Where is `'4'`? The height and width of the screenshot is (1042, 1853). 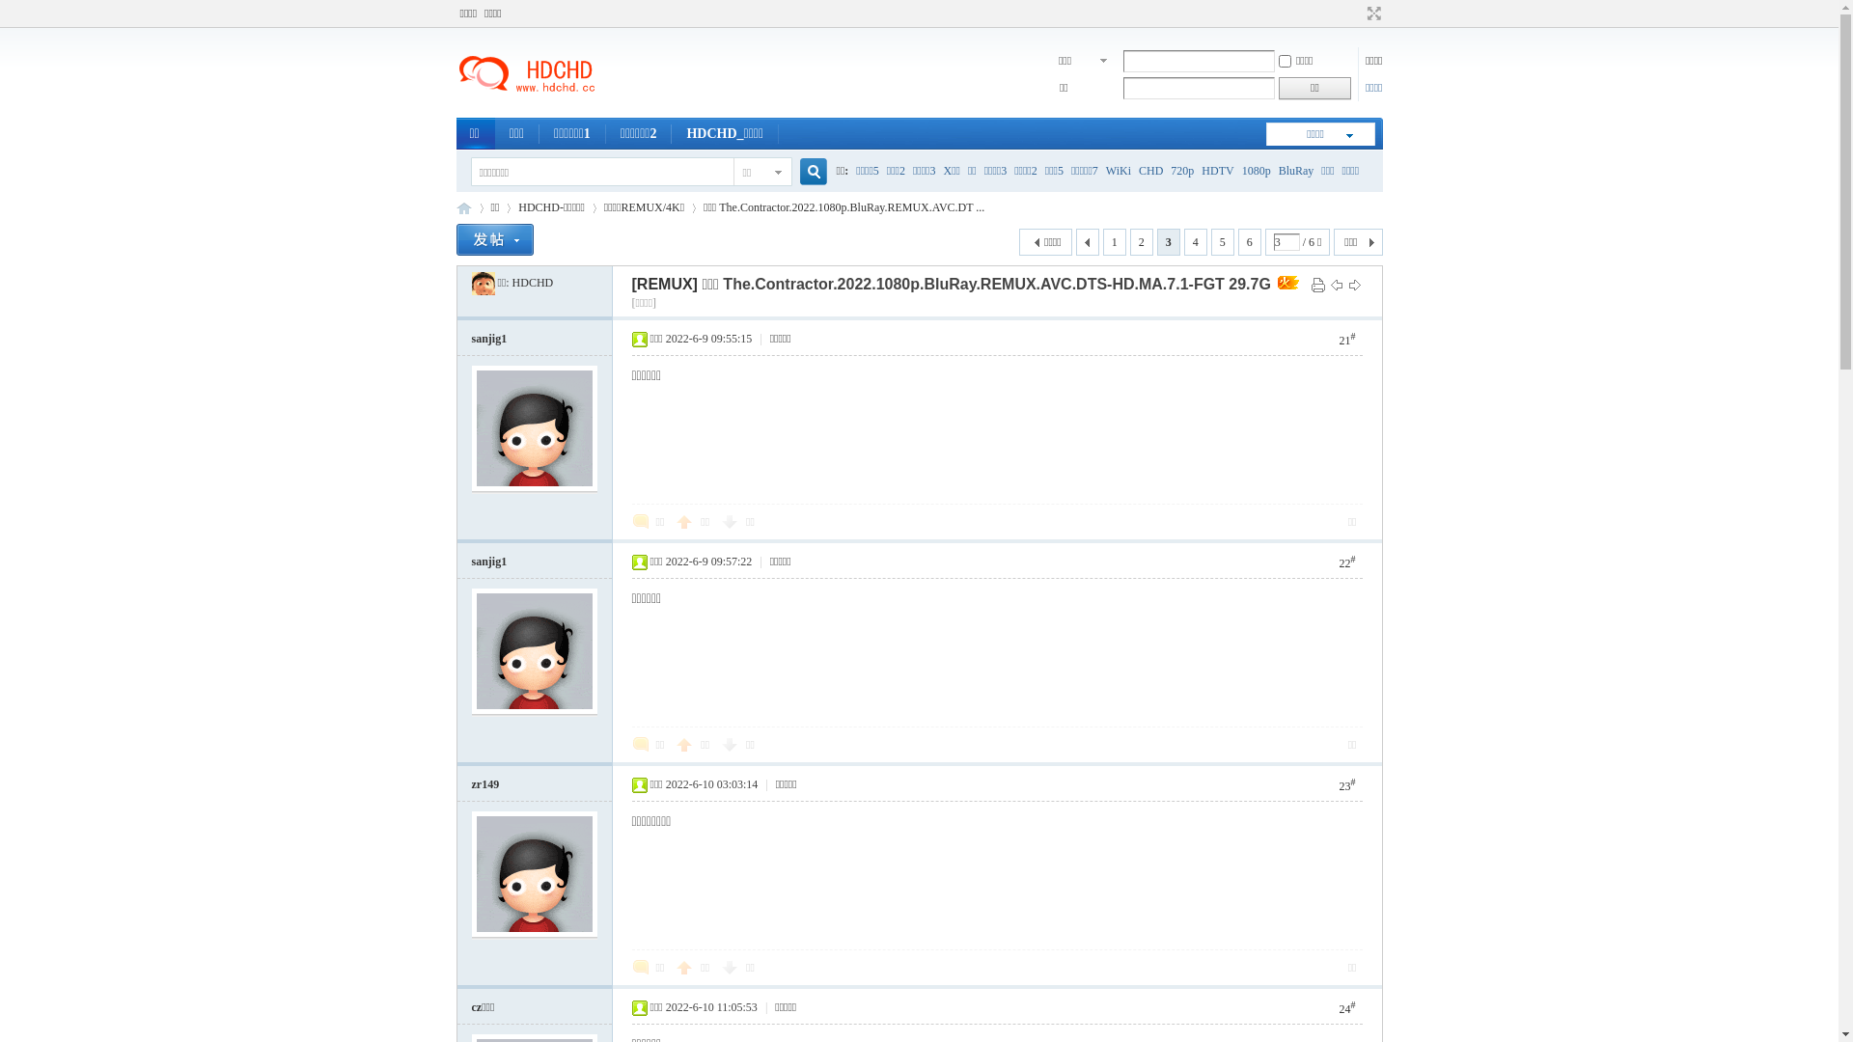
'4' is located at coordinates (1194, 240).